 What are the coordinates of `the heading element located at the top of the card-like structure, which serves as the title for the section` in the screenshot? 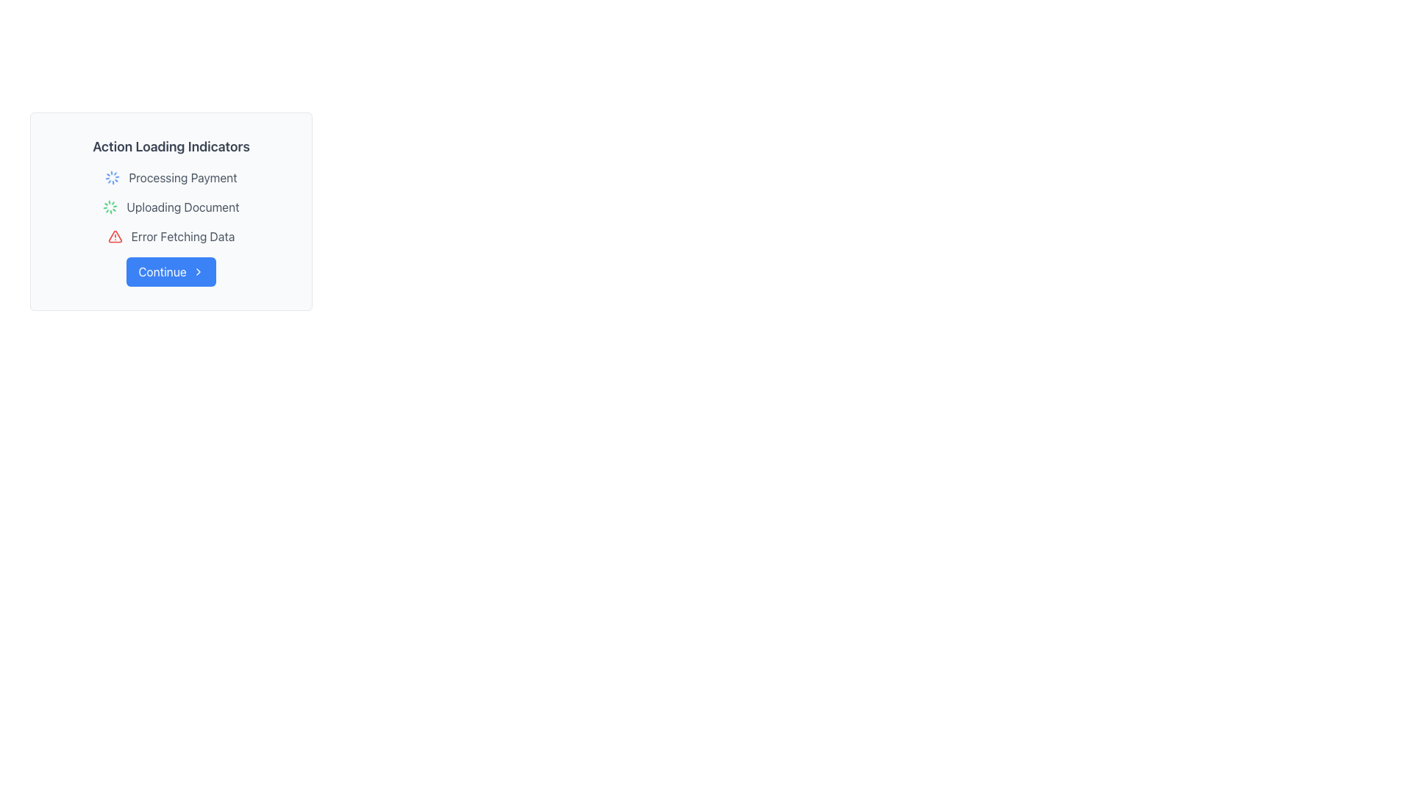 It's located at (171, 147).